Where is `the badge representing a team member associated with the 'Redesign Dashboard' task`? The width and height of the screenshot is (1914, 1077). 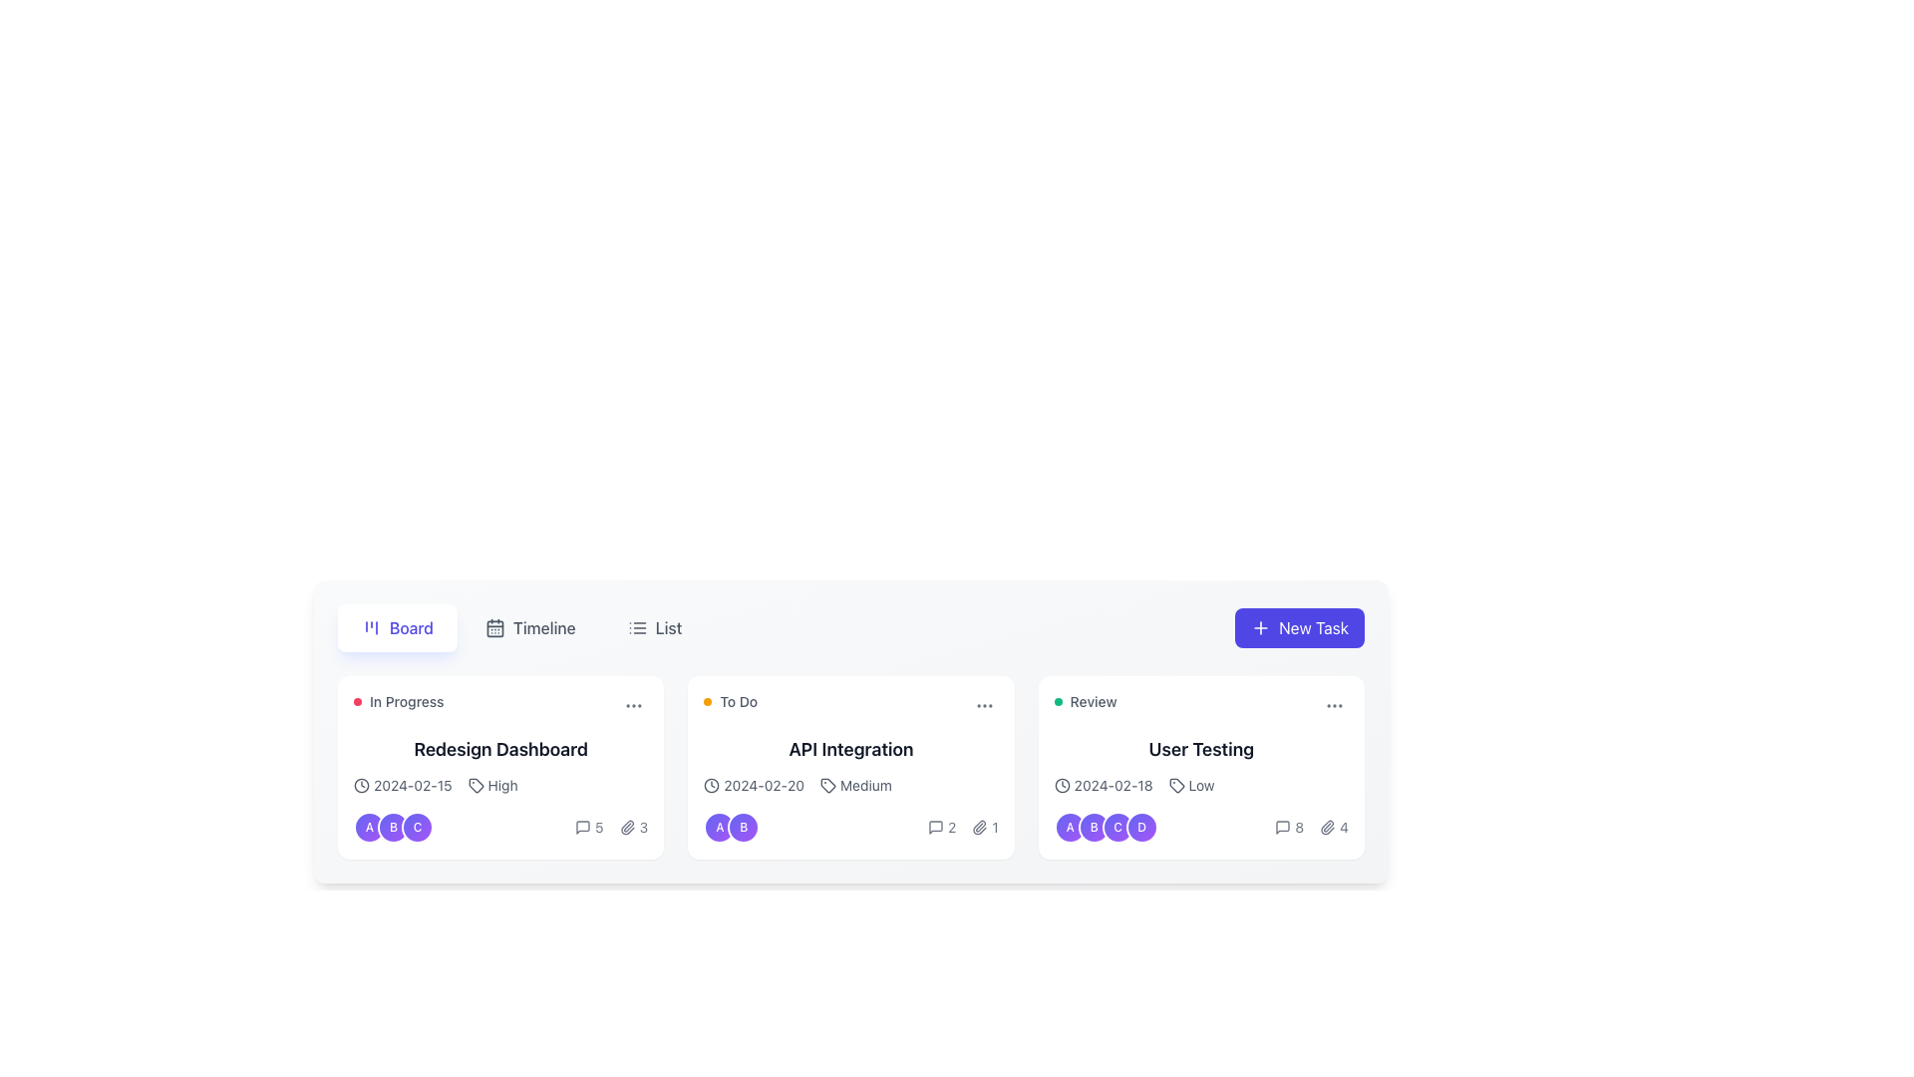 the badge representing a team member associated with the 'Redesign Dashboard' task is located at coordinates (393, 827).